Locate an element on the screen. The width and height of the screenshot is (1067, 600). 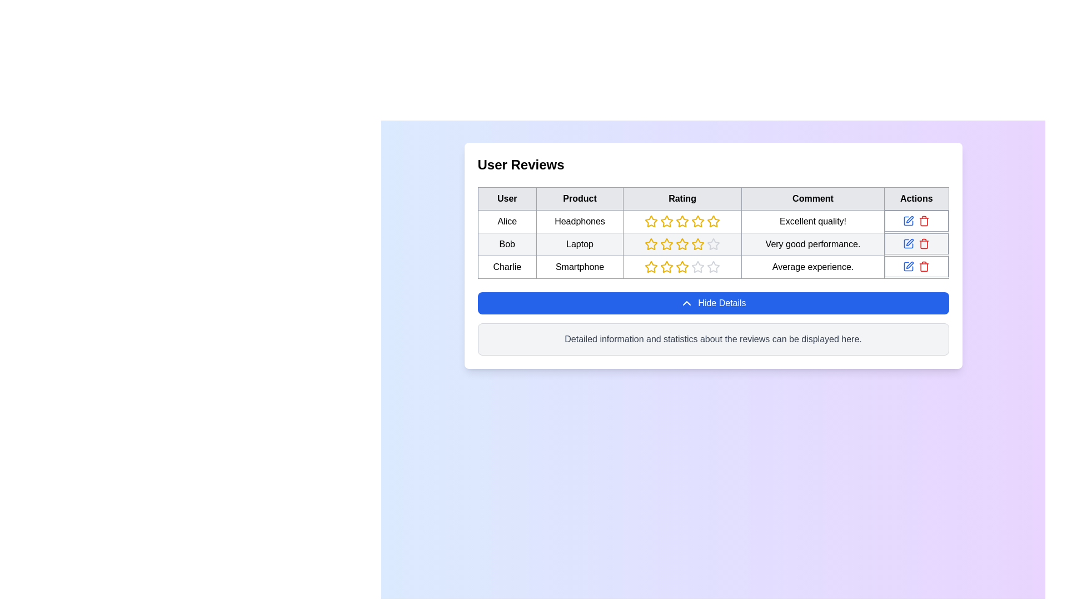
the sixth gray star icon with a hollow center in the rating system of the third row aligned with the 'Charlie' user in the 'Rating' column is located at coordinates (697, 267).